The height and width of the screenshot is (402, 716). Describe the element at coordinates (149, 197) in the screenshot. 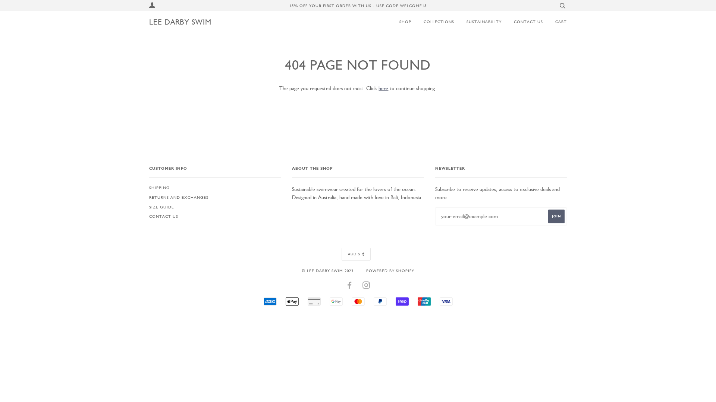

I see `'RETURNS AND EXCHANGES'` at that location.